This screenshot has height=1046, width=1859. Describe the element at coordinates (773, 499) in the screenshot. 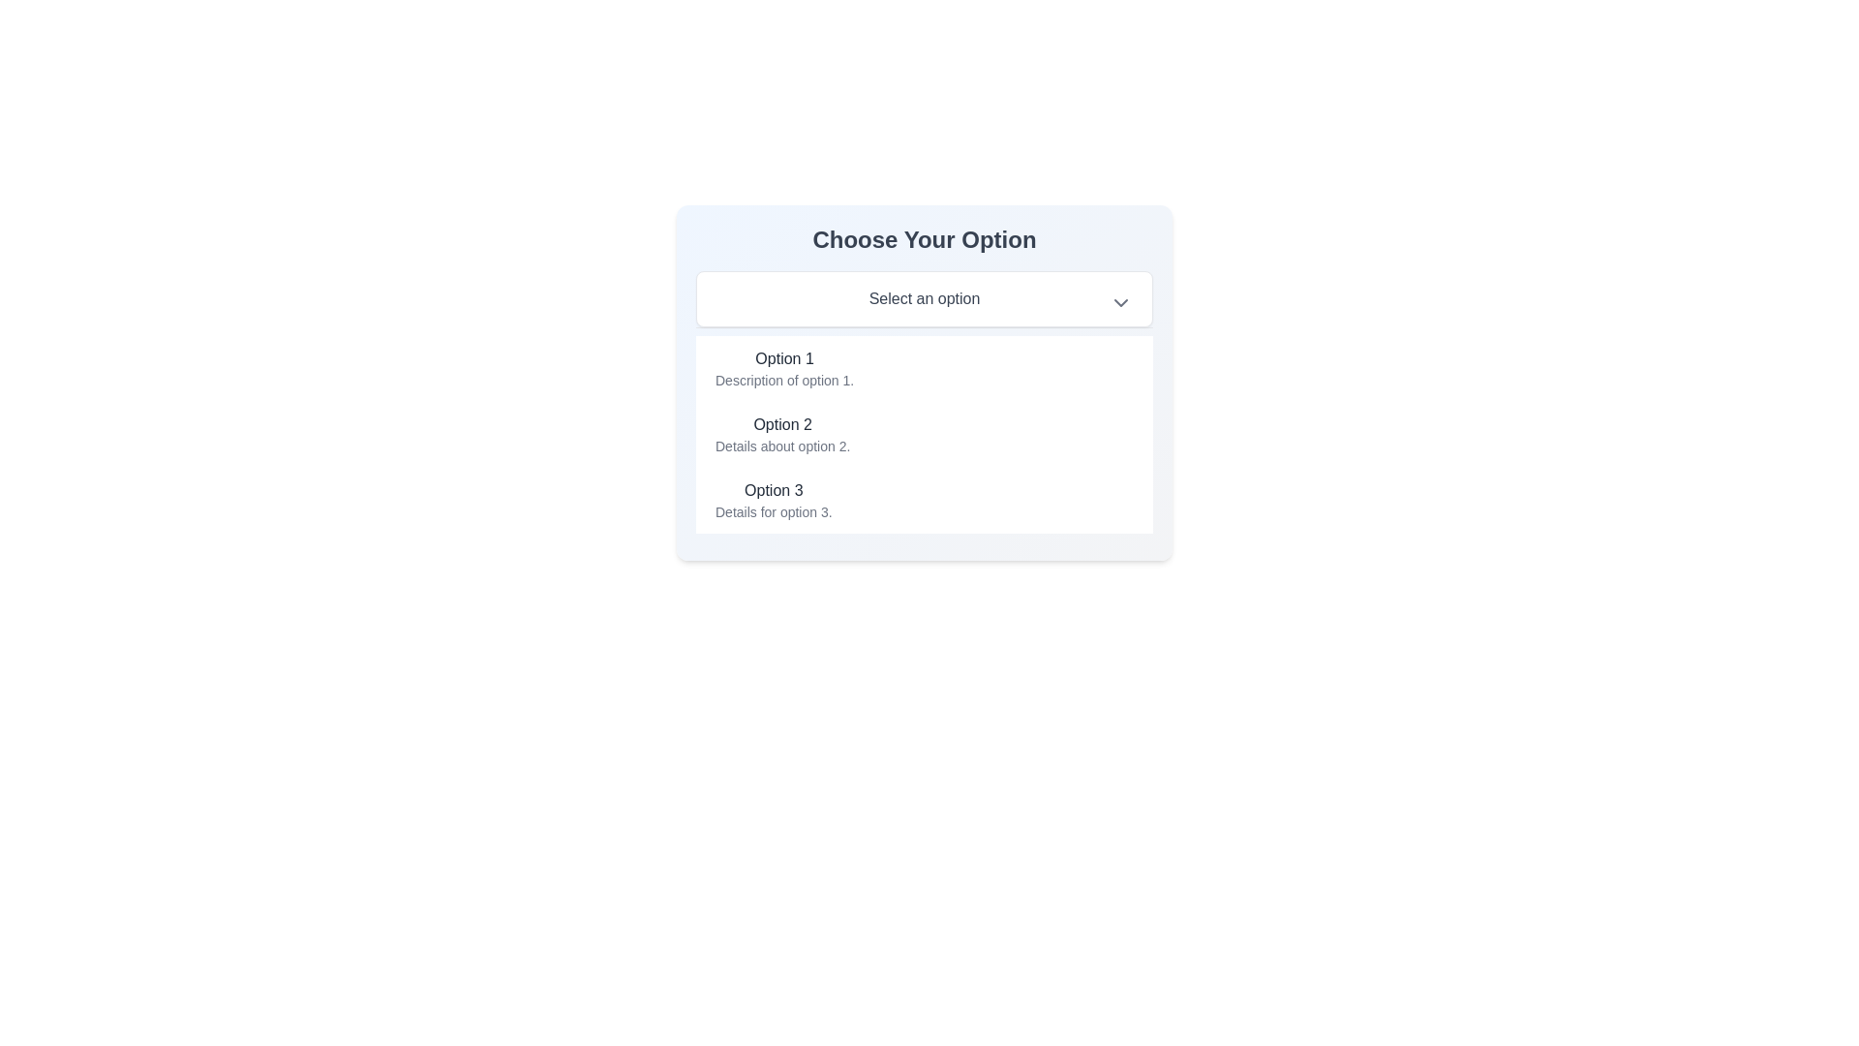

I see `the 'Option 3' list item` at that location.